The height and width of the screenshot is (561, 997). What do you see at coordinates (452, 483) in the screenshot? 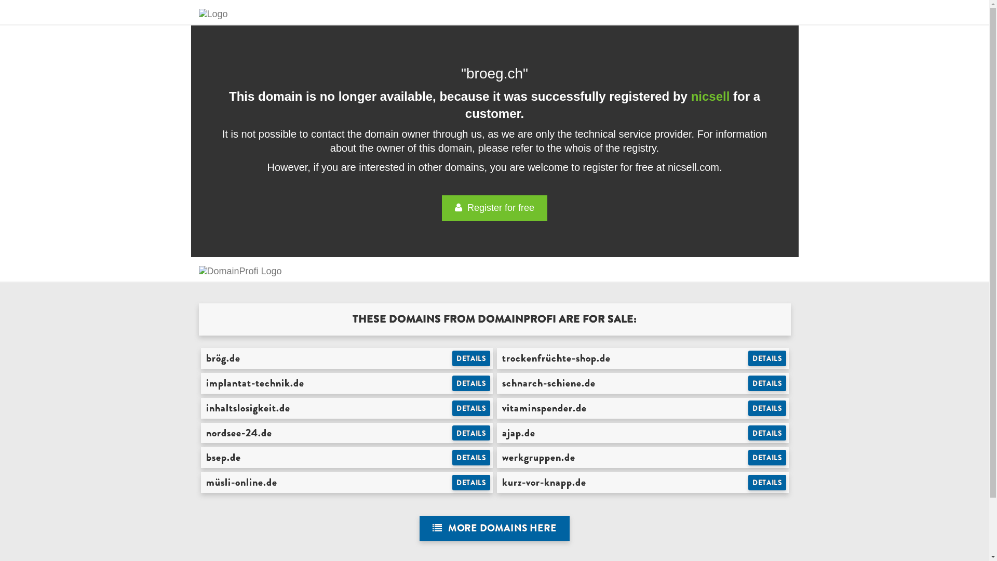
I see `'DETAILS'` at bounding box center [452, 483].